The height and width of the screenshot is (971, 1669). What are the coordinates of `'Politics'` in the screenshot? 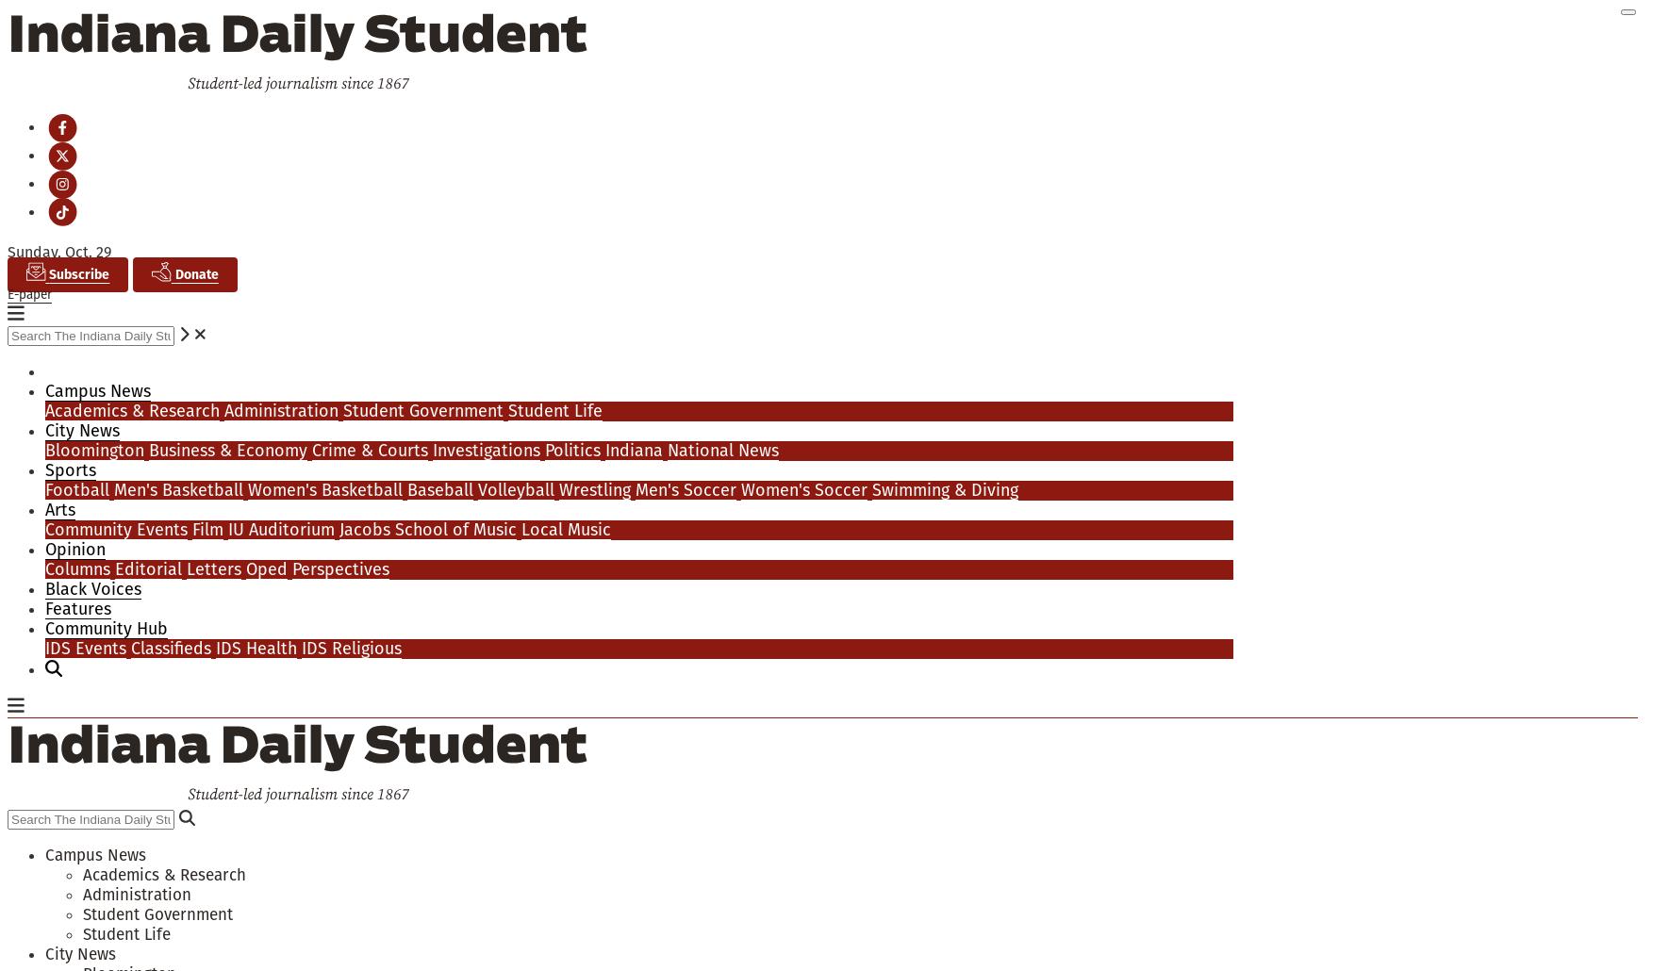 It's located at (571, 448).